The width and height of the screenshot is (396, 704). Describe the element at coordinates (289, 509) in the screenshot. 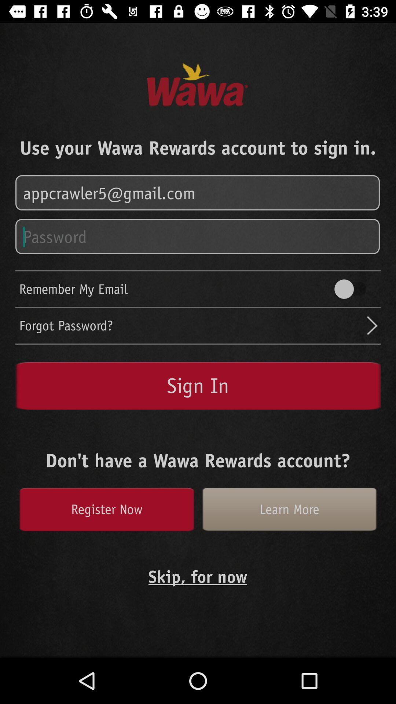

I see `the icon below the don t have item` at that location.